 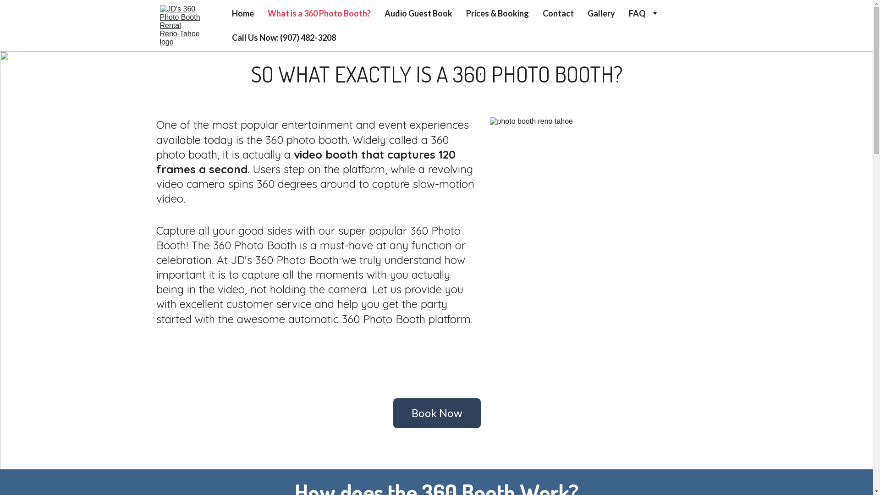 I want to click on 'Gallery', so click(x=601, y=13).